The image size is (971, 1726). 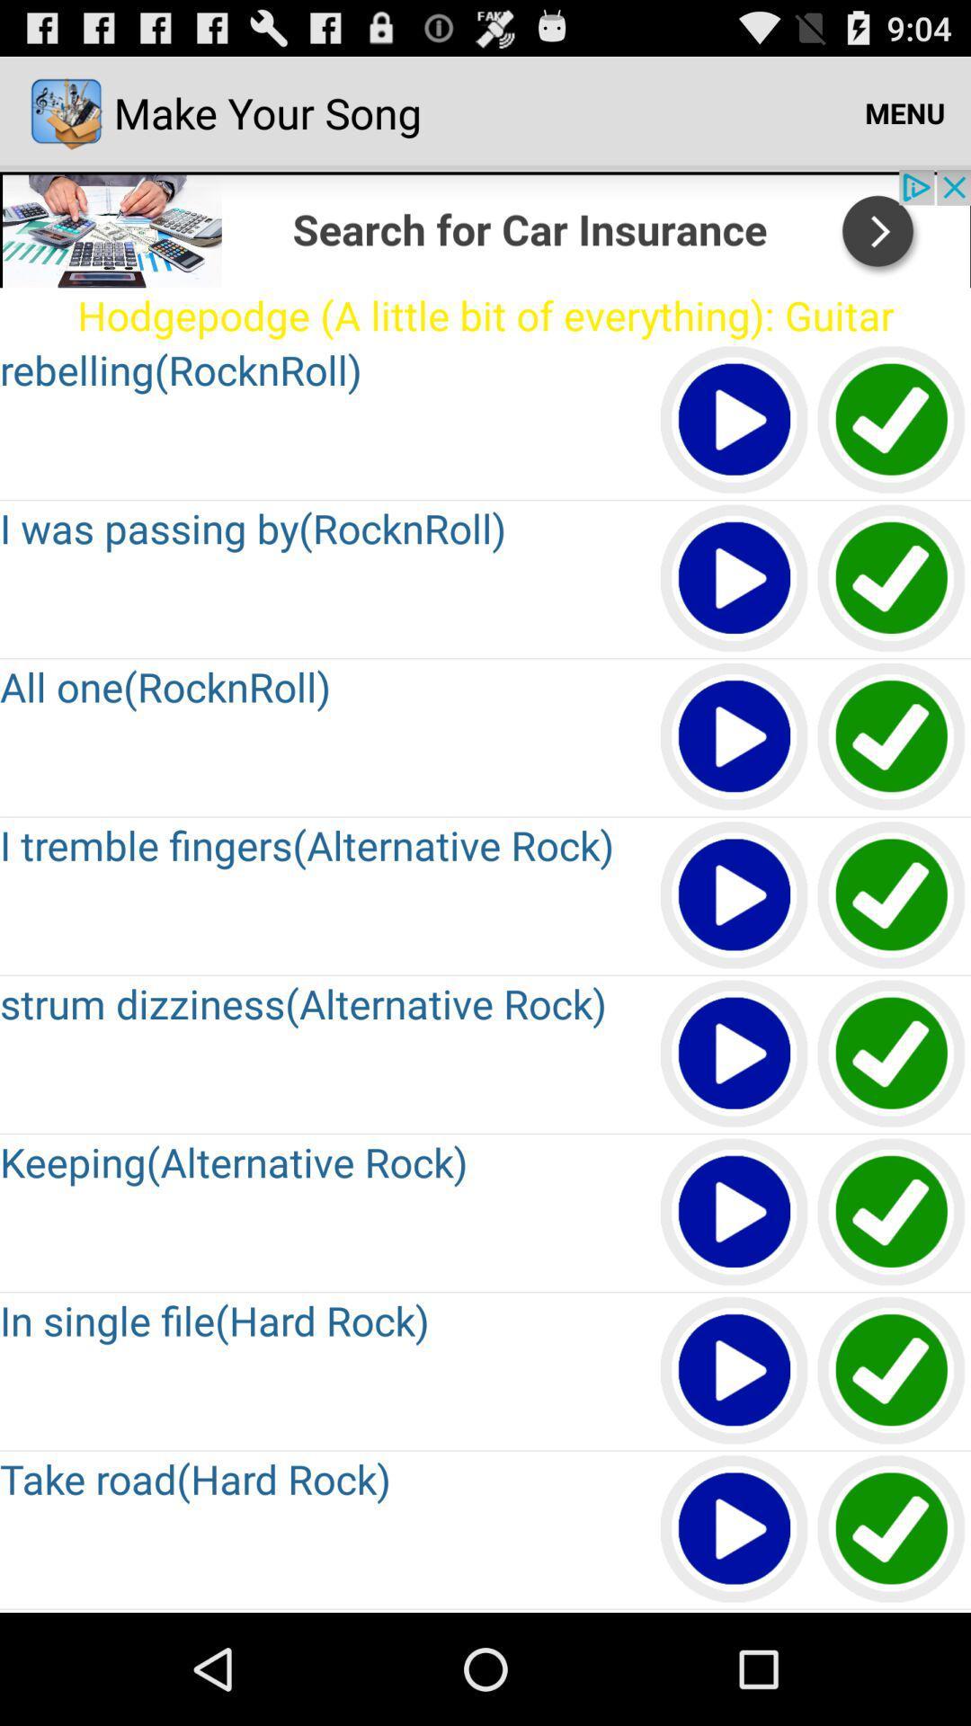 What do you see at coordinates (892, 579) in the screenshot?
I see `to select a song` at bounding box center [892, 579].